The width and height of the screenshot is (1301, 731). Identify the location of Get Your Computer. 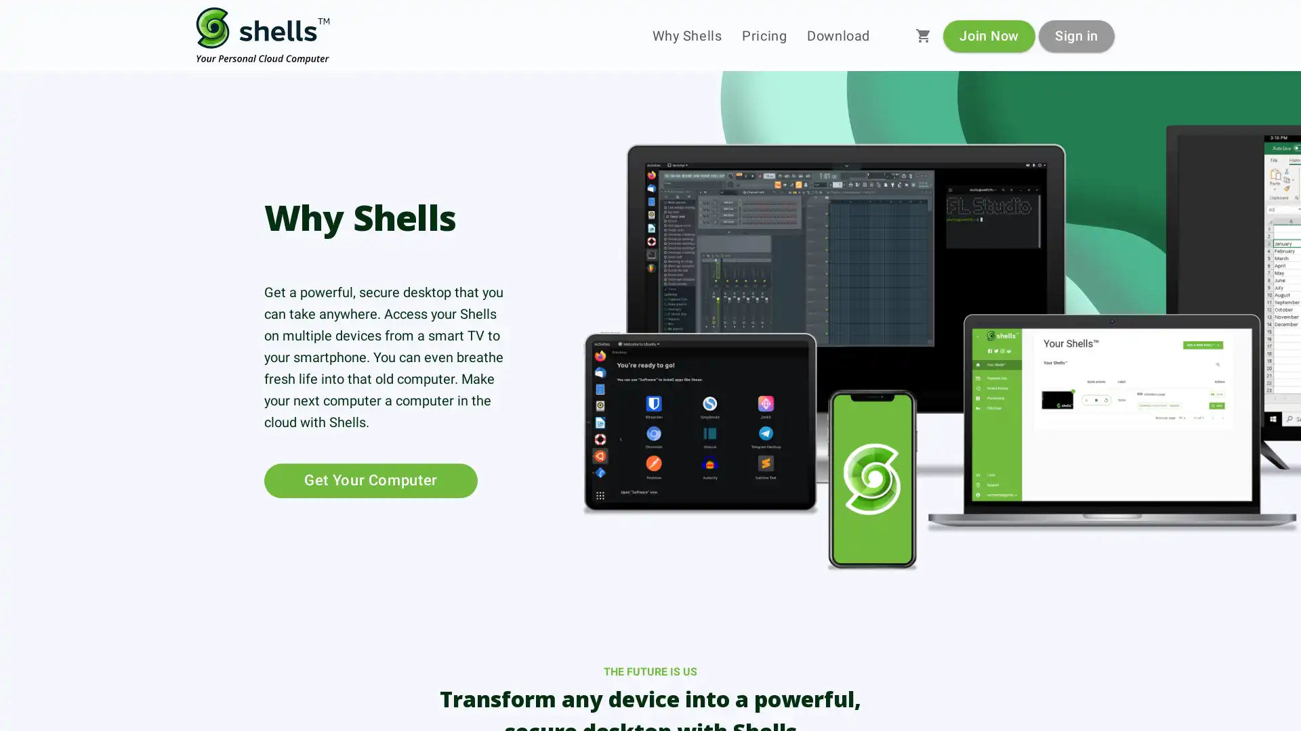
(371, 479).